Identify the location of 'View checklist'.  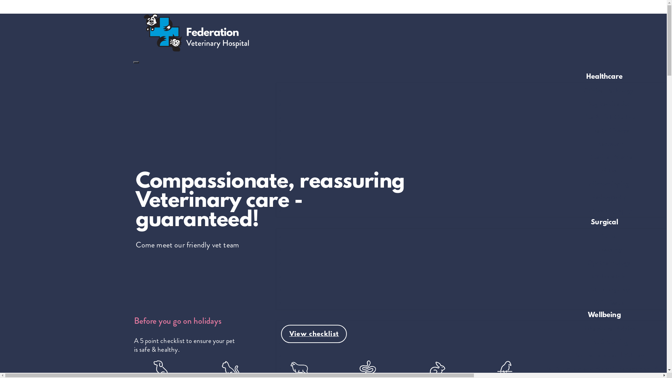
(313, 333).